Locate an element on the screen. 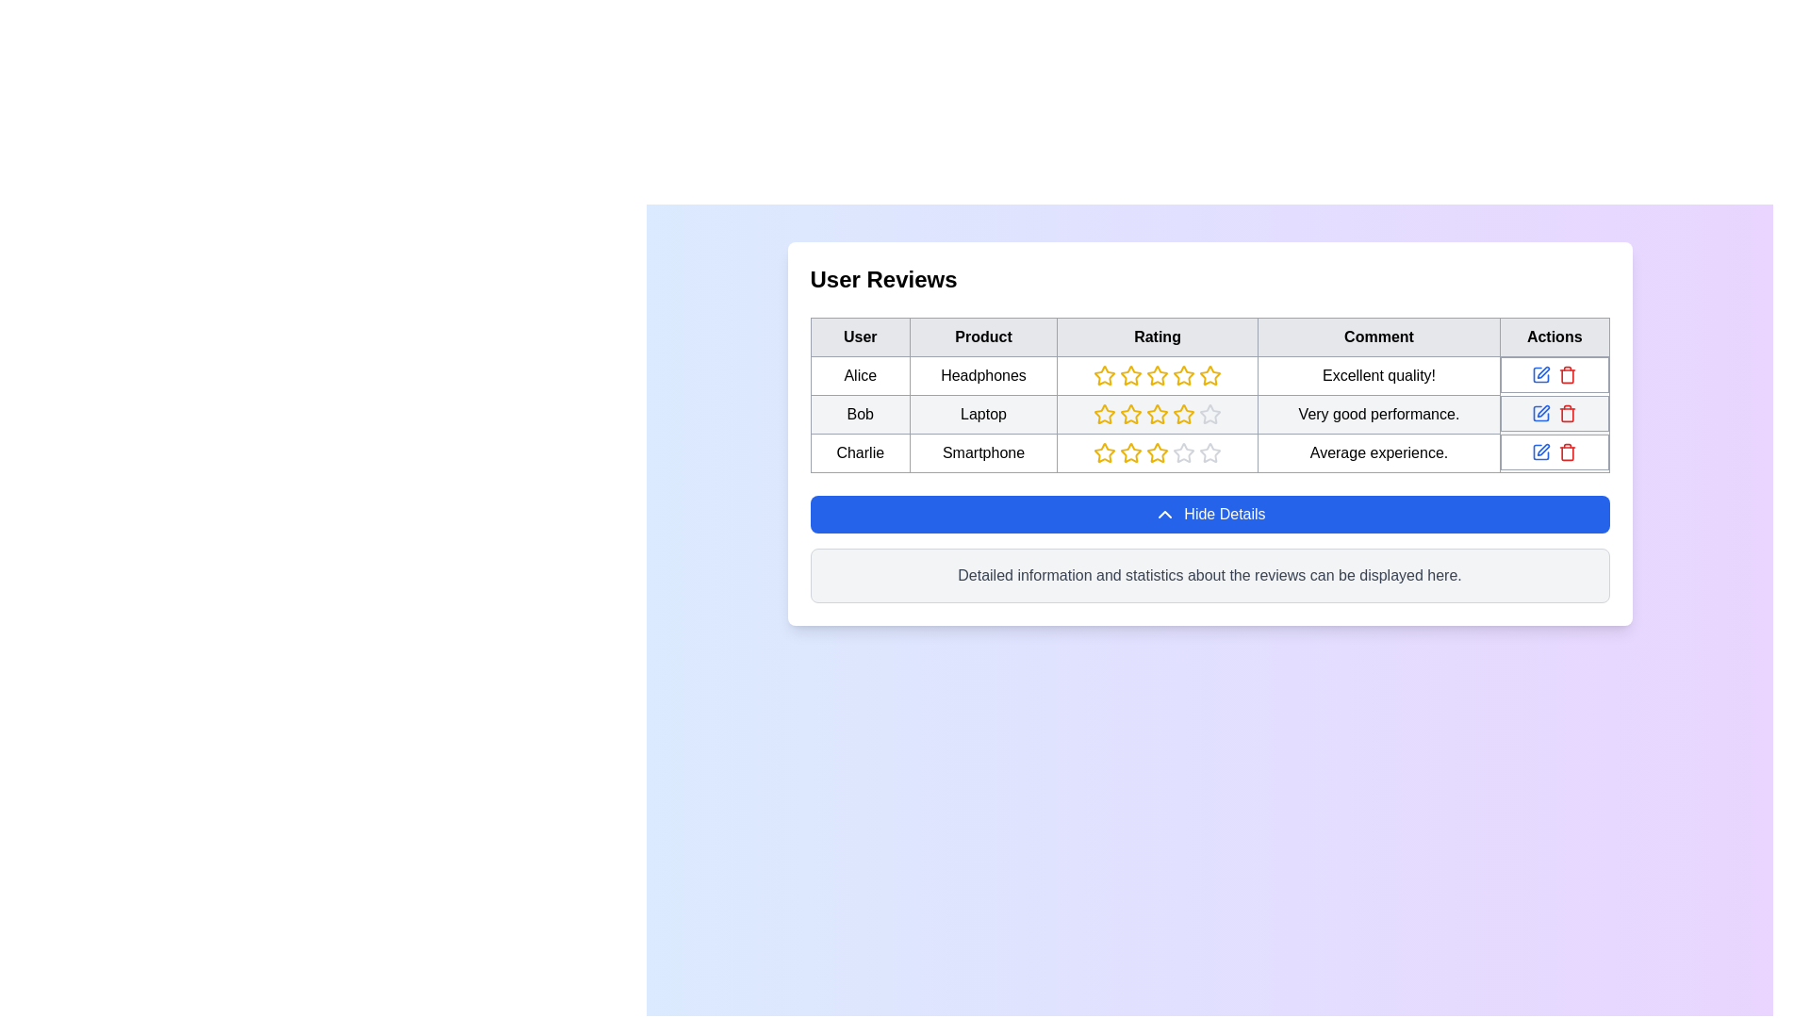 The image size is (1810, 1018). the table cell displaying the text 'Bob' in the user reviews table is located at coordinates (859, 413).